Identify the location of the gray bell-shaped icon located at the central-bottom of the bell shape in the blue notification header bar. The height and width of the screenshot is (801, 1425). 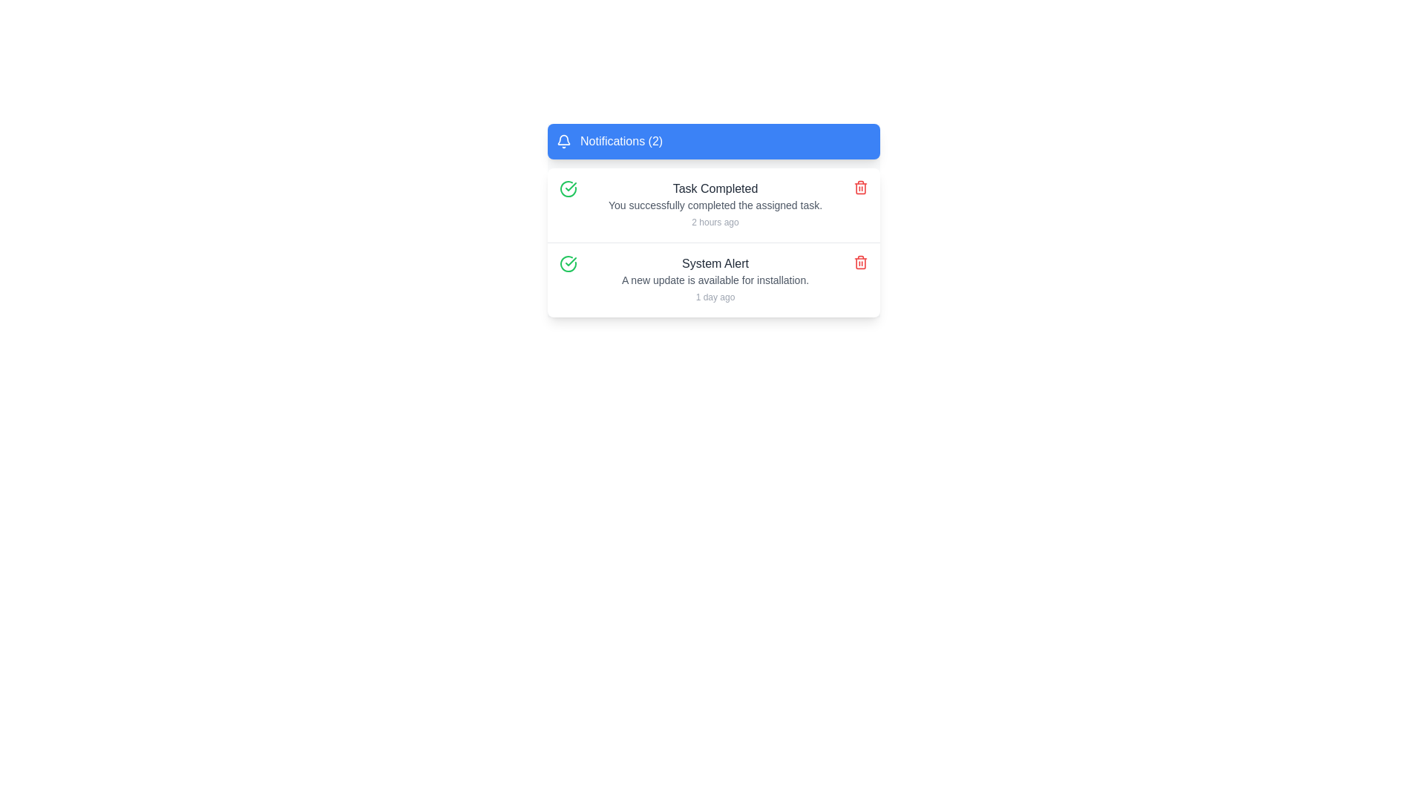
(563, 139).